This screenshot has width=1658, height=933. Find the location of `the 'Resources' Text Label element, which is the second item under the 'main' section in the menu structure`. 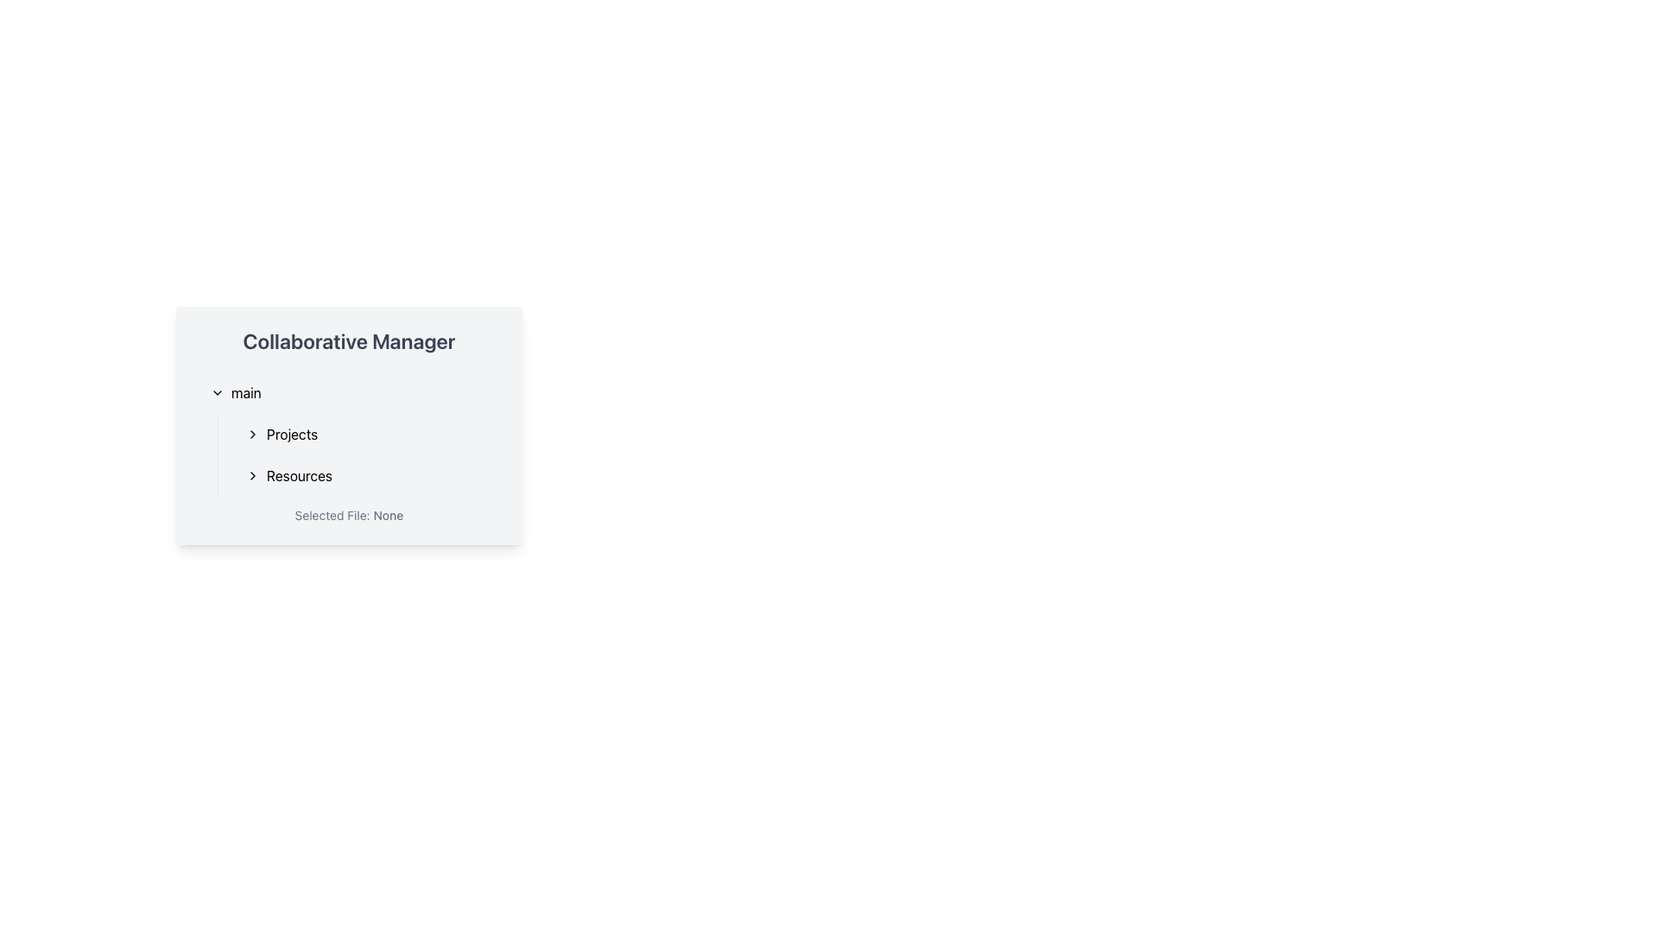

the 'Resources' Text Label element, which is the second item under the 'main' section in the menu structure is located at coordinates (299, 476).